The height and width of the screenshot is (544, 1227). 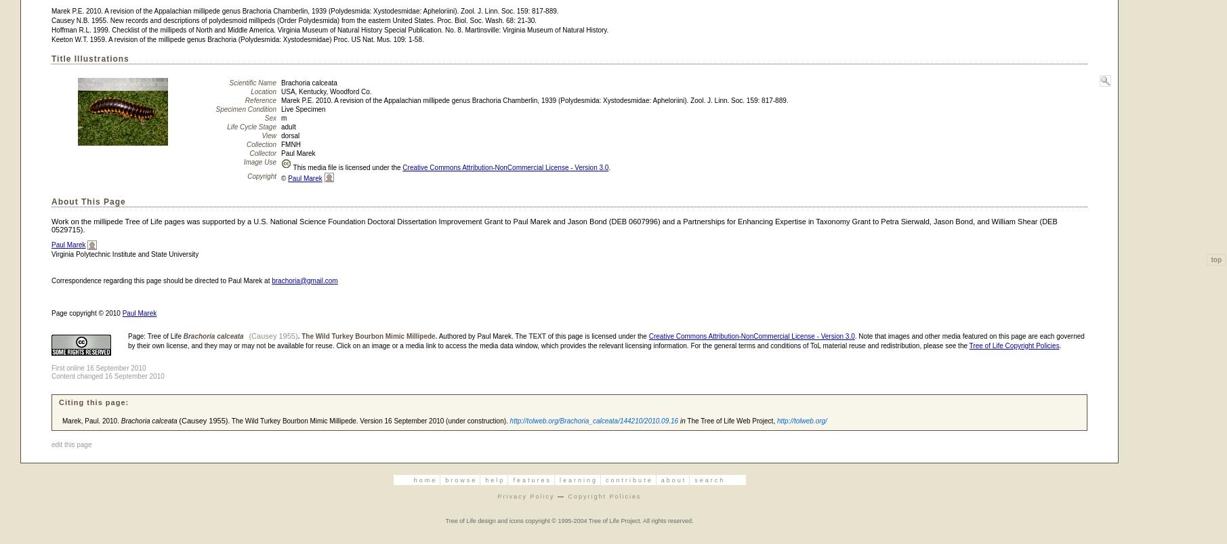 What do you see at coordinates (518, 335) in the screenshot?
I see `'.         
	The'` at bounding box center [518, 335].